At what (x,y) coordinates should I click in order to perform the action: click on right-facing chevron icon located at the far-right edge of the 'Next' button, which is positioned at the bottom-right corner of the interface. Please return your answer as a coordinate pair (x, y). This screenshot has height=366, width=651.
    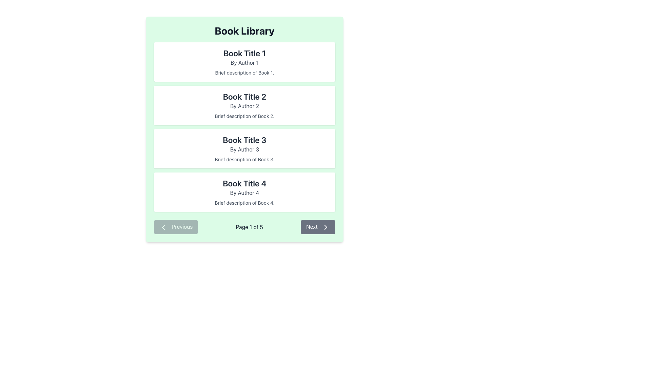
    Looking at the image, I should click on (325, 227).